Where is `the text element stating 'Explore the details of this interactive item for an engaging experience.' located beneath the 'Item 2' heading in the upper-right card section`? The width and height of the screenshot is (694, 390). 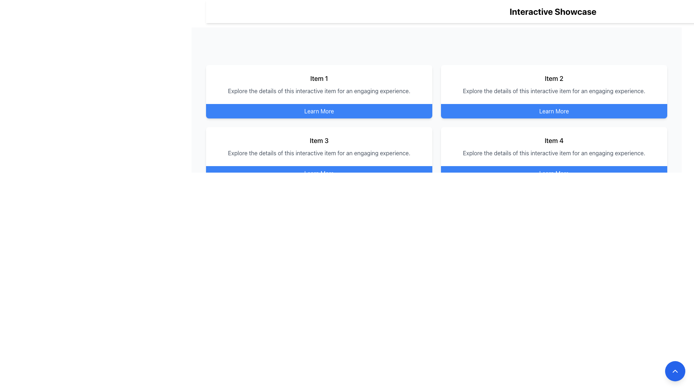 the text element stating 'Explore the details of this interactive item for an engaging experience.' located beneath the 'Item 2' heading in the upper-right card section is located at coordinates (553, 90).